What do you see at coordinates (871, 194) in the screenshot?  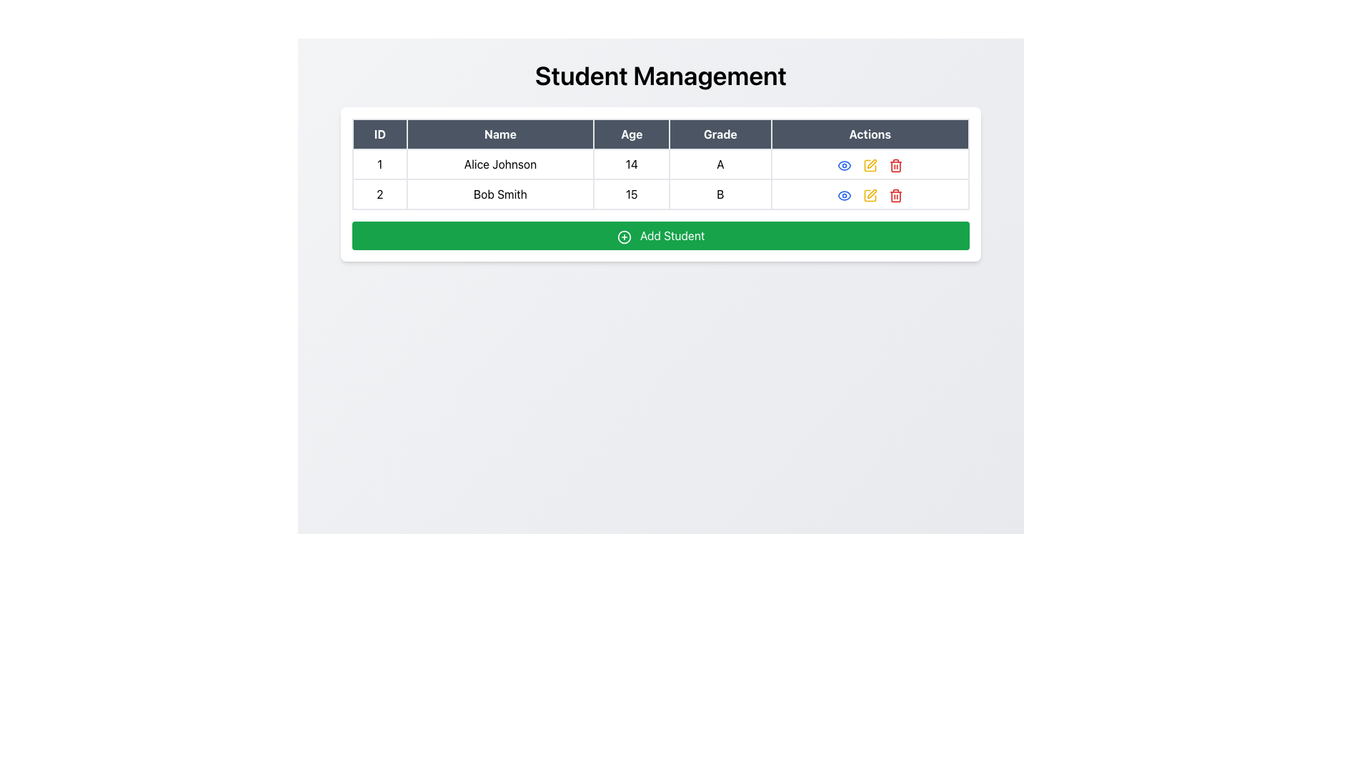 I see `the pen icon located in the 'Actions' column of the second row in the table, which is the leftmost icon among three icons in that cell` at bounding box center [871, 194].